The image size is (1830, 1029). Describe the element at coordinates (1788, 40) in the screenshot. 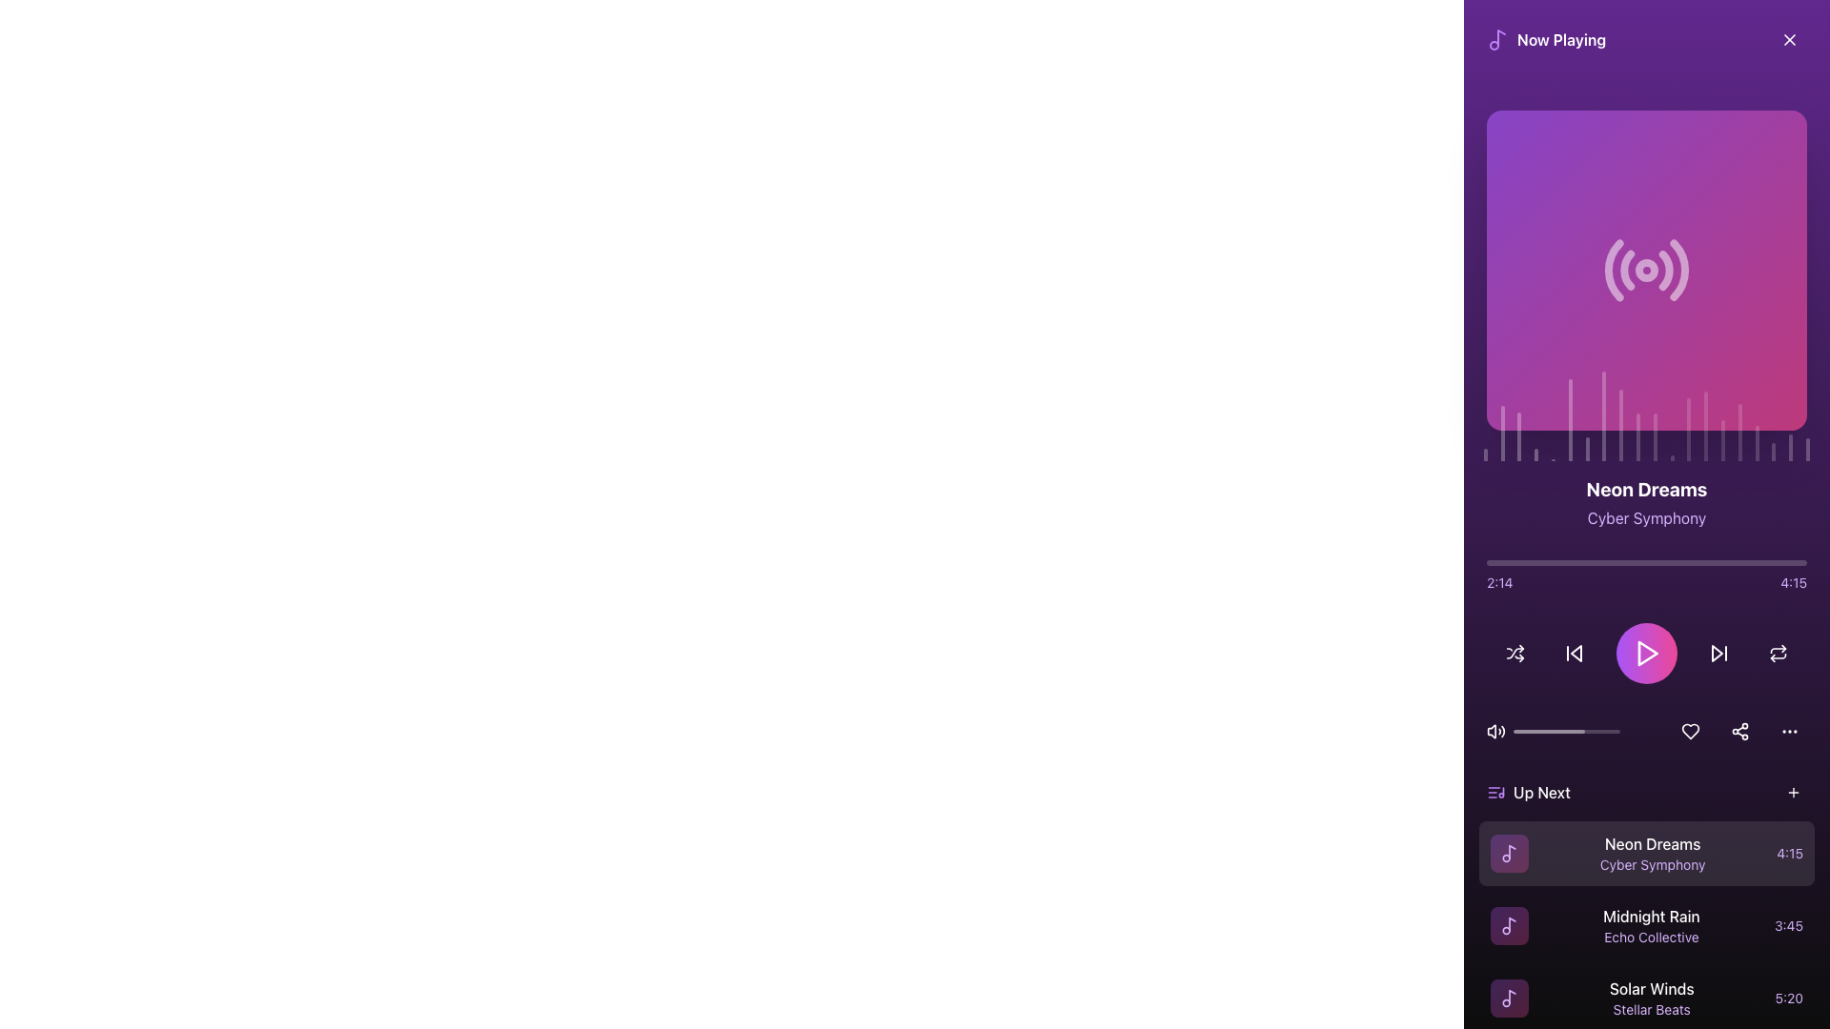

I see `the circular close button with an 'X' icon in the top-right corner of the 'Now Playing' section to observe the style change` at that location.